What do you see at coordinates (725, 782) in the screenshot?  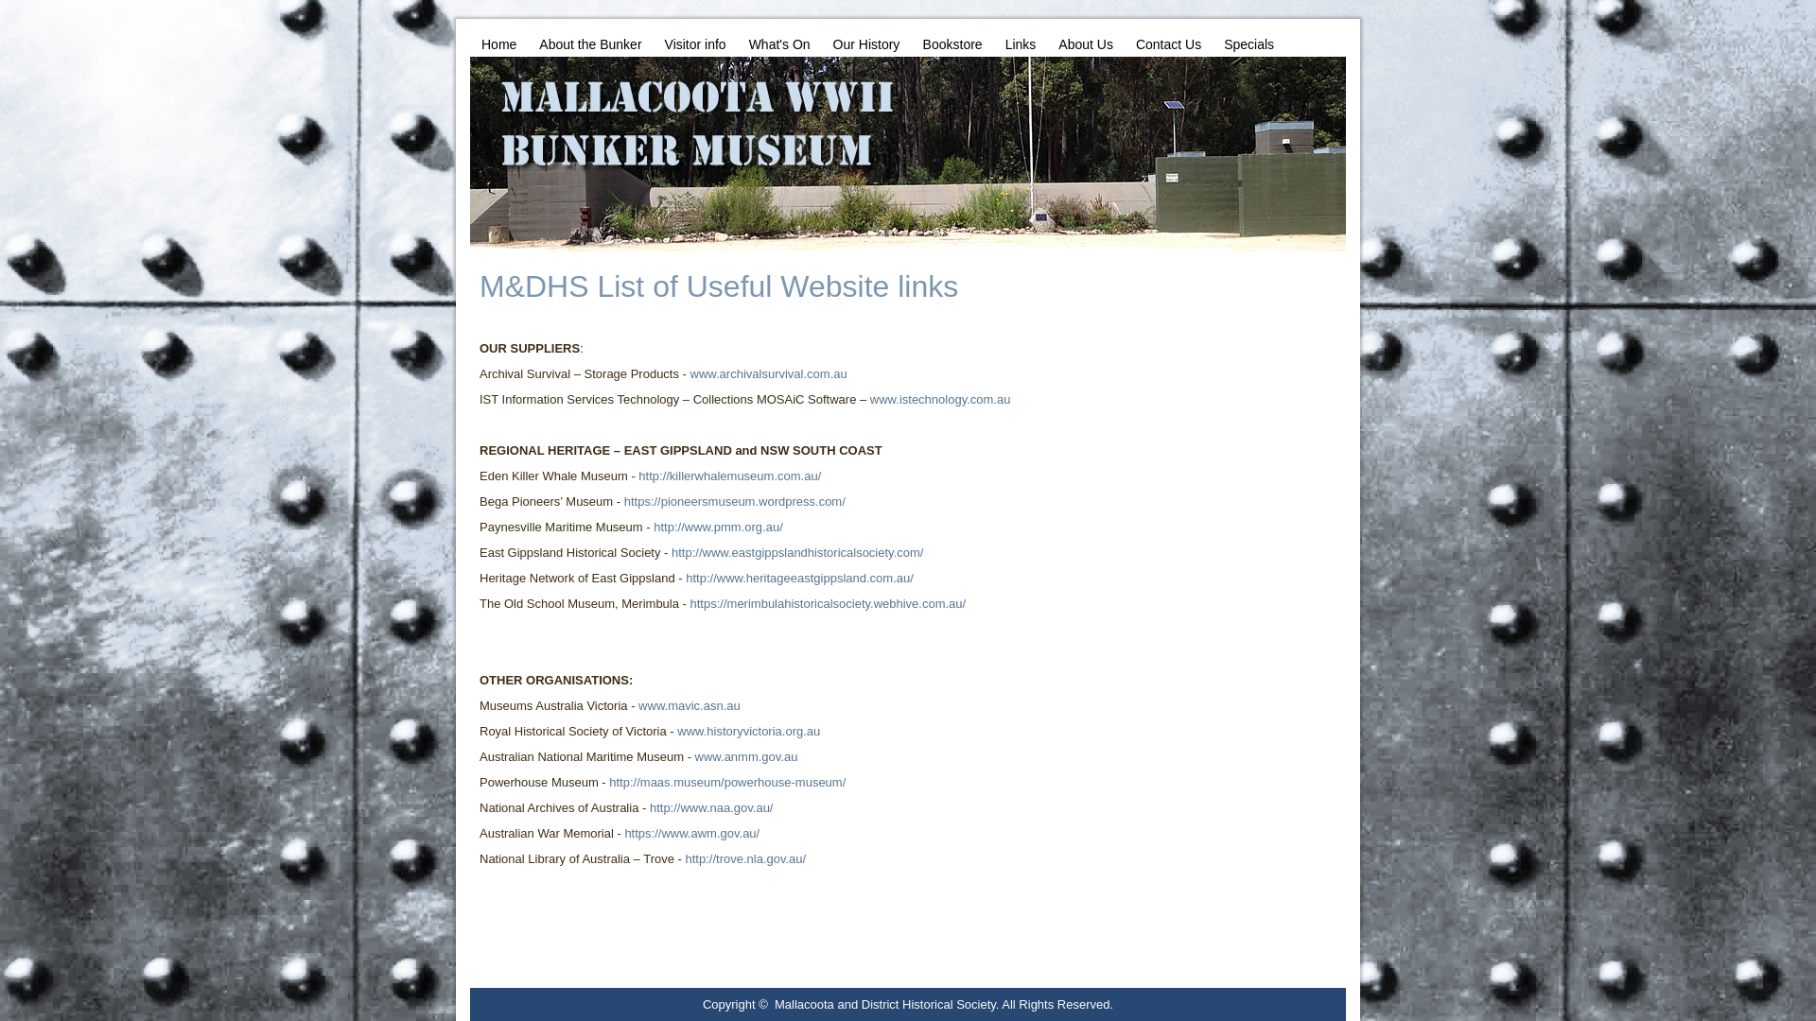 I see `'http://maas.museum/powerhouse-museum/'` at bounding box center [725, 782].